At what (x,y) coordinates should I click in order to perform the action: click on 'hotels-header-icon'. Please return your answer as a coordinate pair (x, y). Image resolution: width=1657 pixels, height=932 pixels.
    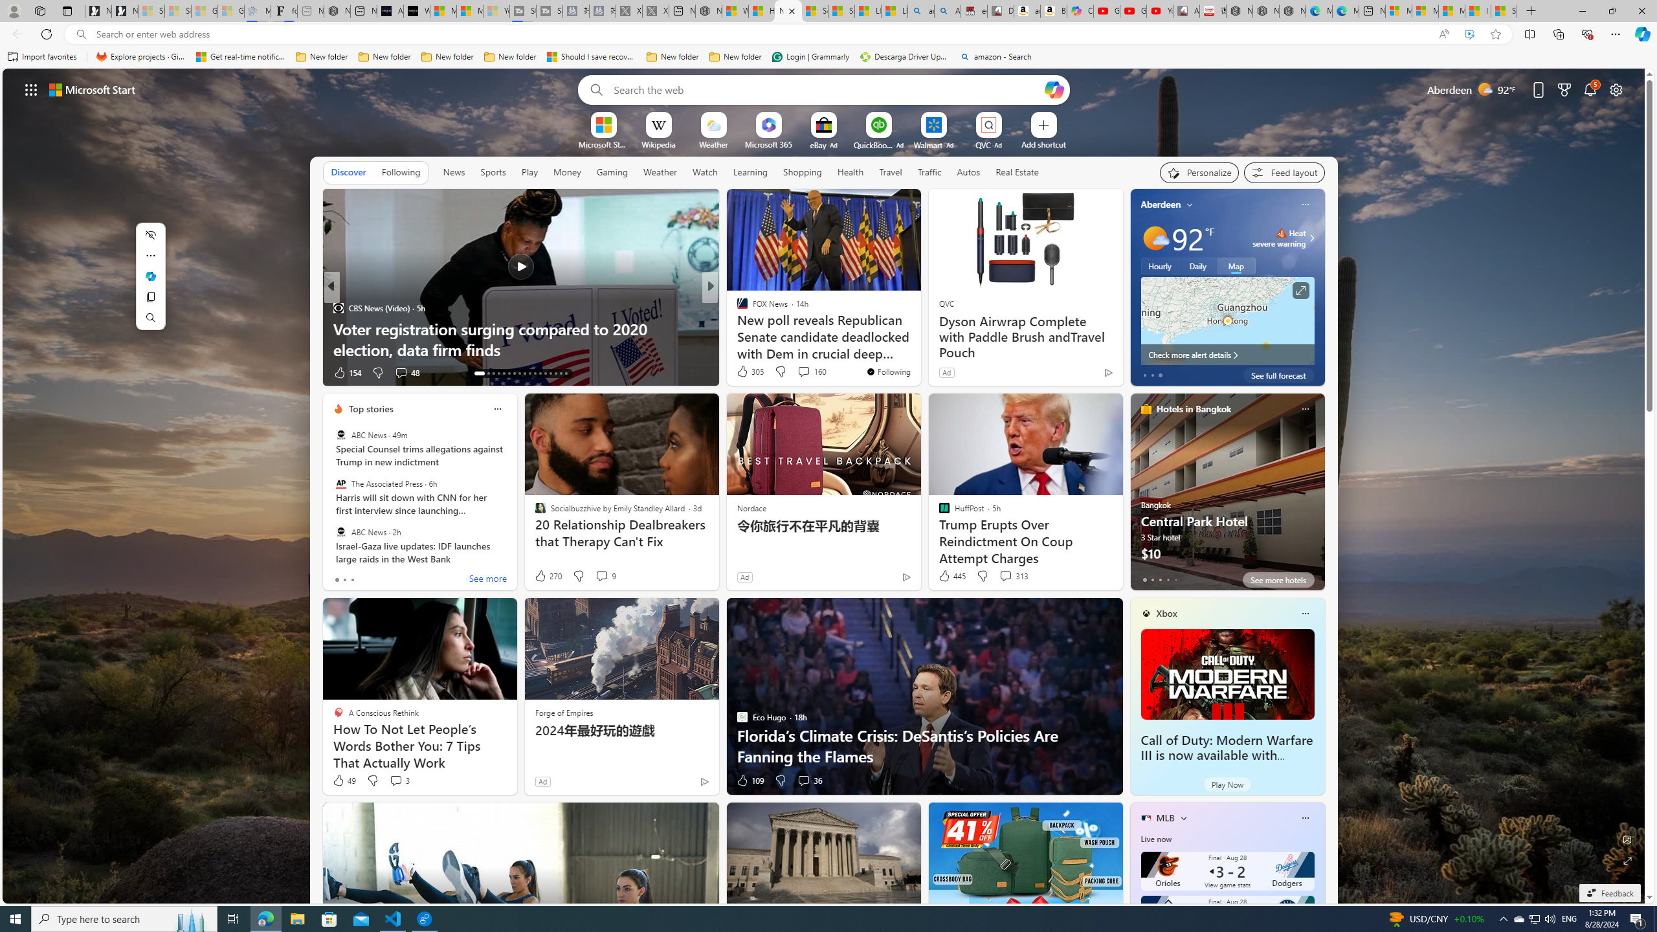
    Looking at the image, I should click on (1145, 408).